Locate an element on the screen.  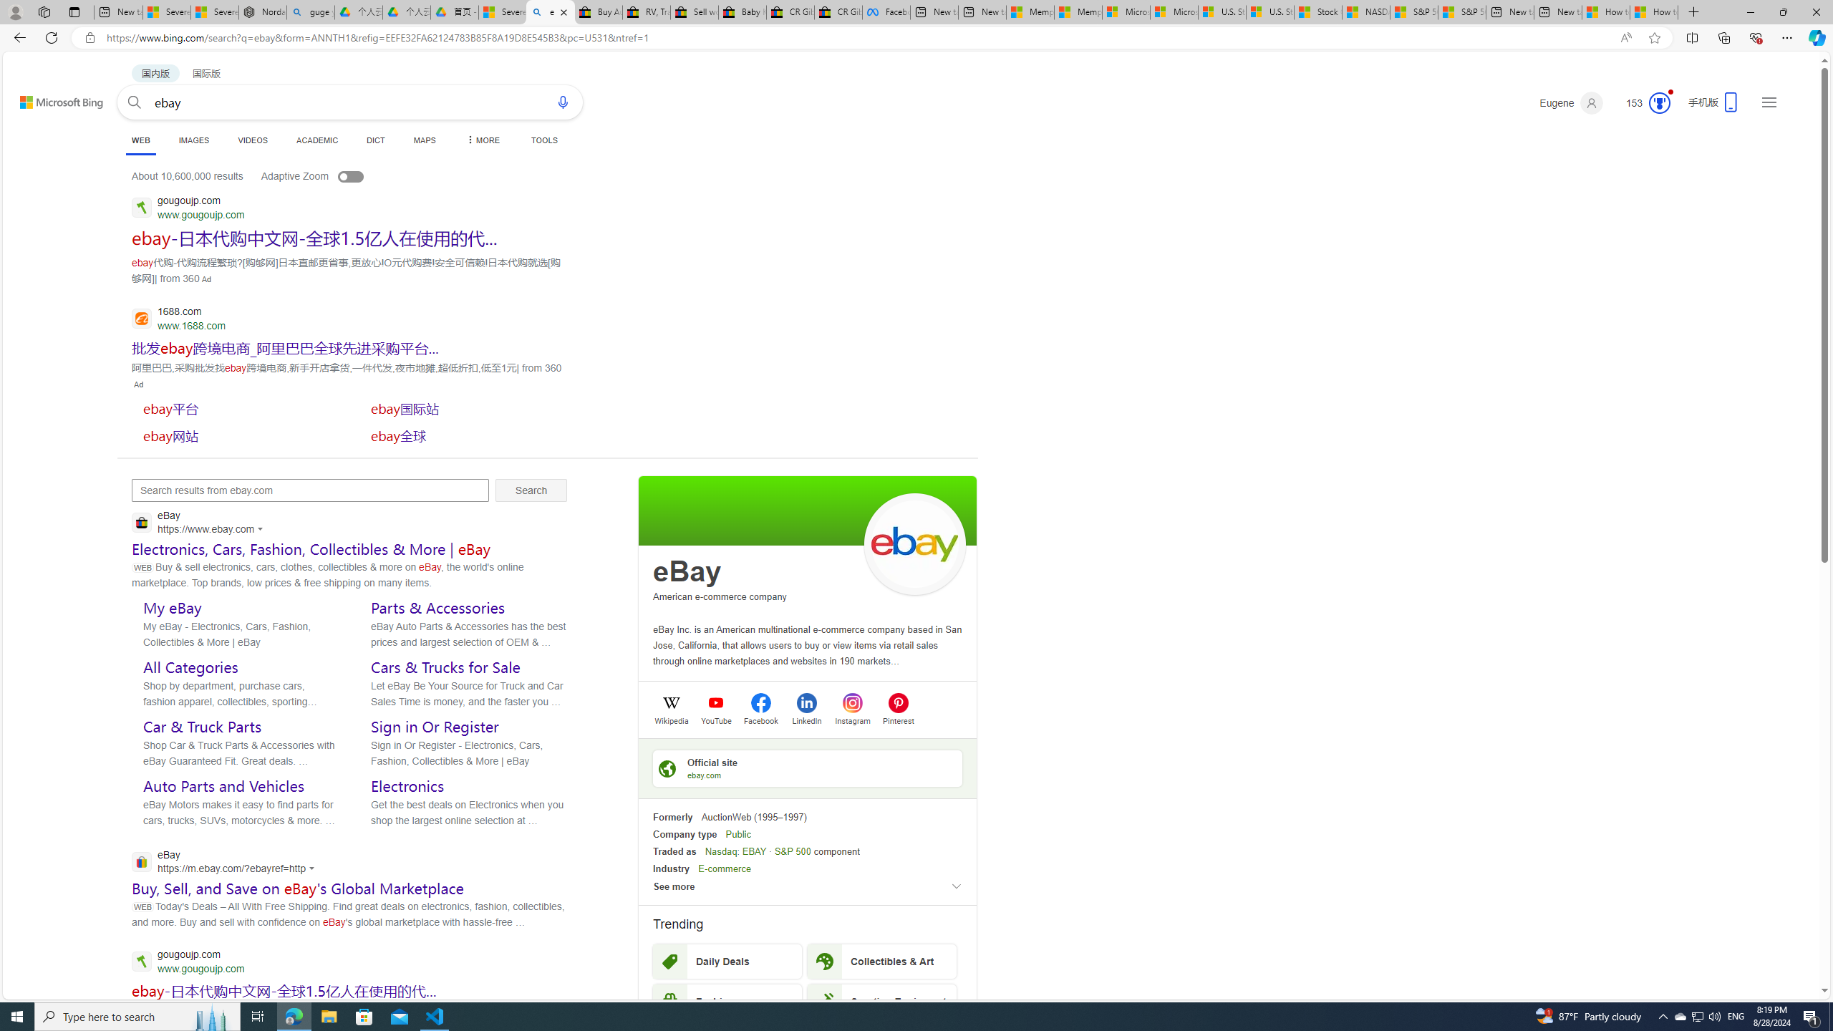
'Back to Bing search' is located at coordinates (52, 98).